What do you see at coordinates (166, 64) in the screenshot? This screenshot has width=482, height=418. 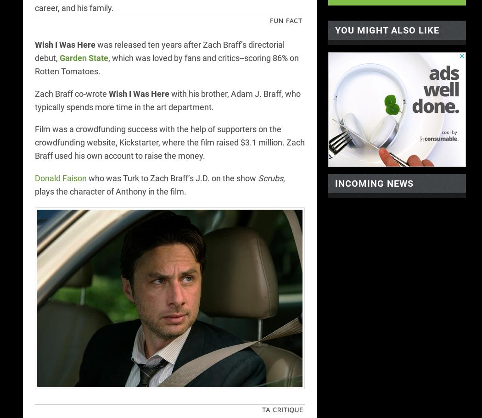 I see `', which was loved by fans and critics--scoring 86% on Rotten Tomatoes.'` at bounding box center [166, 64].